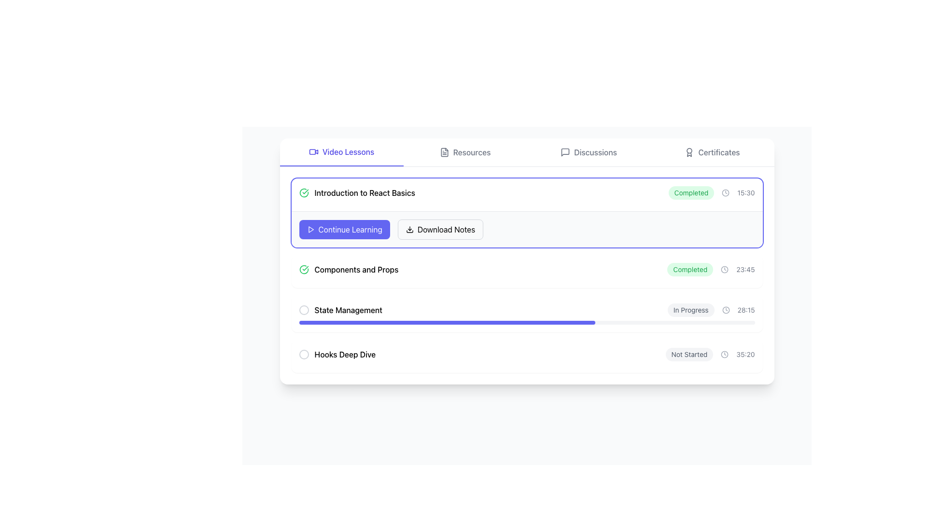  What do you see at coordinates (444, 152) in the screenshot?
I see `the 'Resources' icon located in the navigation menu between 'Video Lessons' and 'Discussions'` at bounding box center [444, 152].